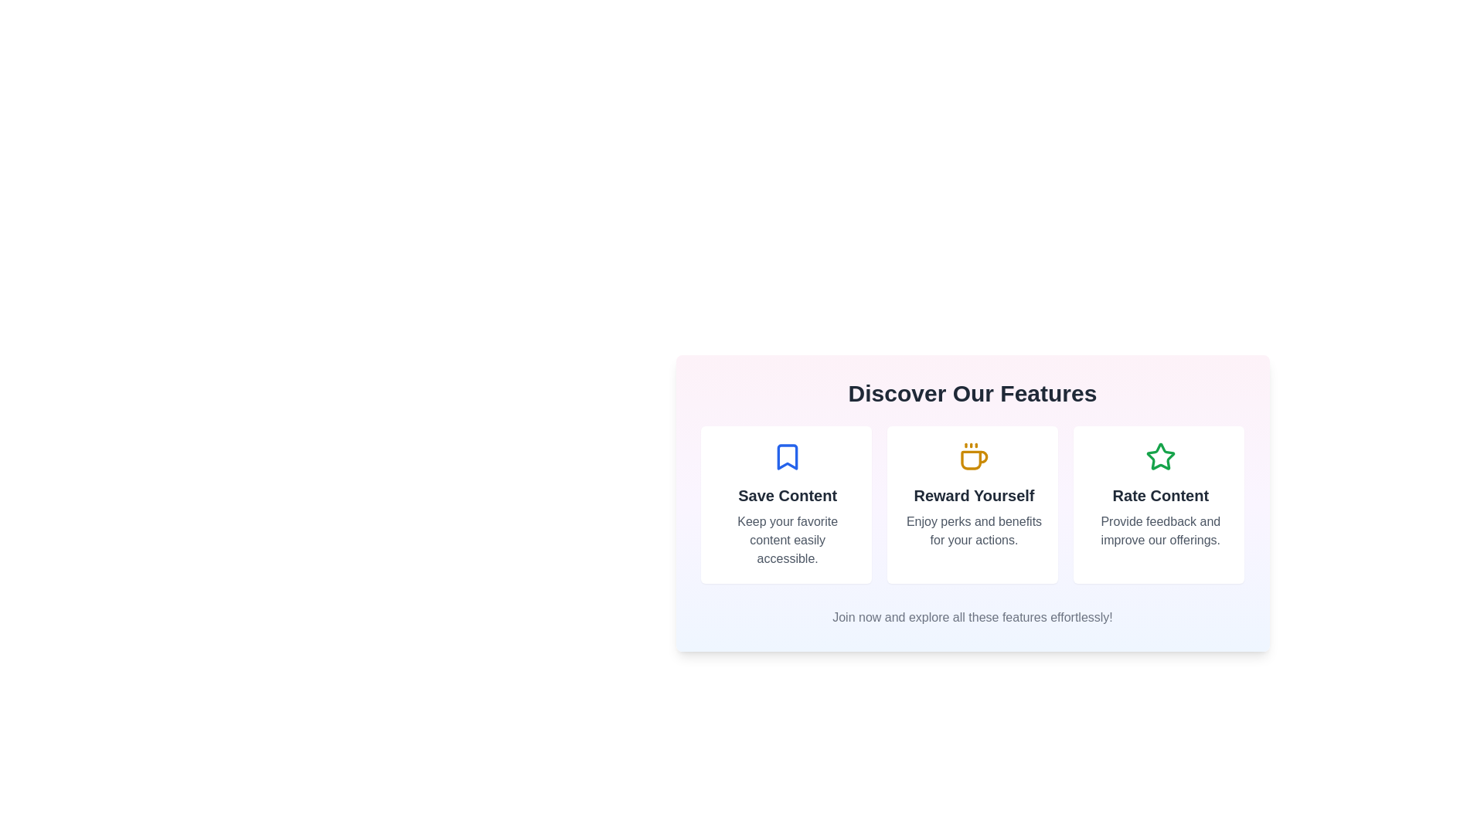 Image resolution: width=1484 pixels, height=834 pixels. Describe the element at coordinates (788, 495) in the screenshot. I see `the text label displaying 'Save Content' in bold, dark gray, positioned within the first vertical card layout` at that location.